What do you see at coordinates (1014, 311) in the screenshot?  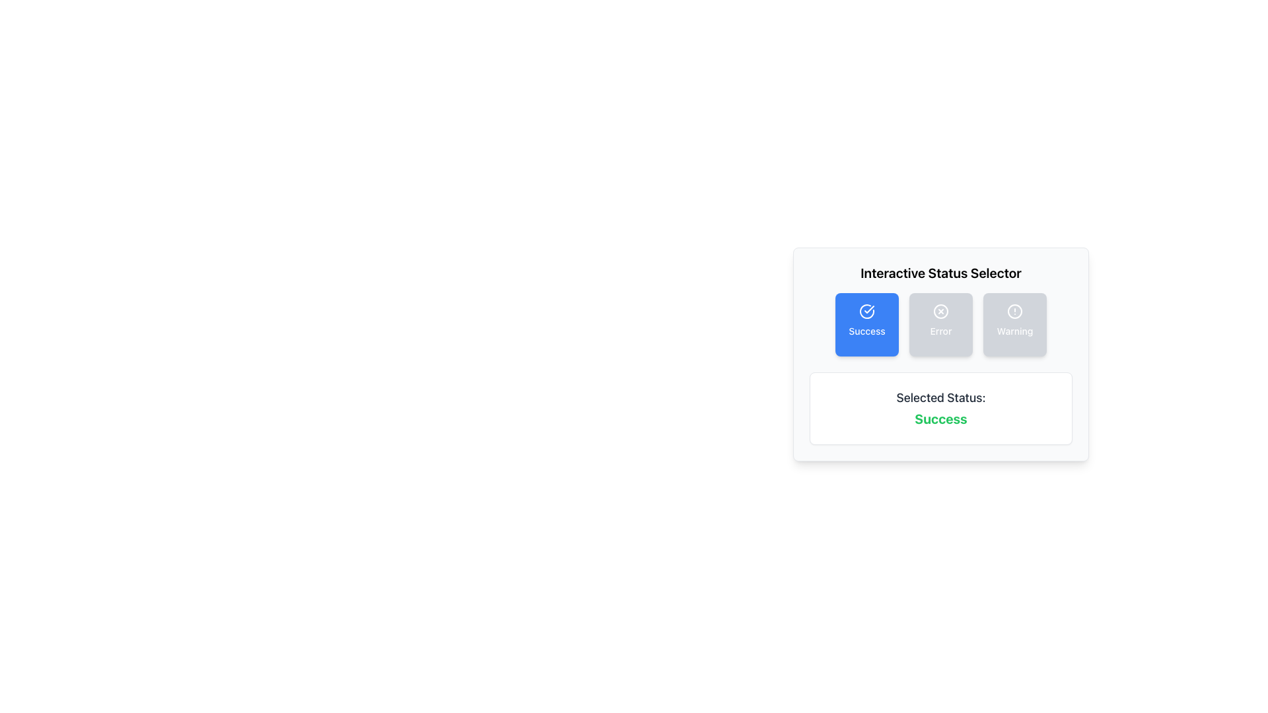 I see `the circular graphical component within the 'Warning' button of the 'Interactive Status Selector', which indicates a warning status` at bounding box center [1014, 311].